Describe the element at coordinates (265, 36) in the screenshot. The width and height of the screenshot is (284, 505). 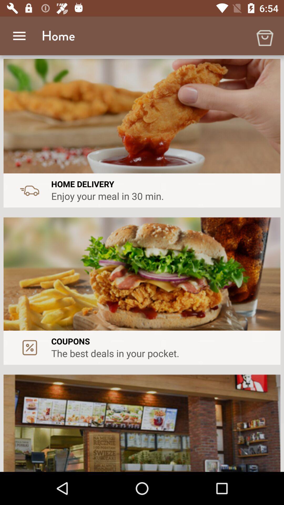
I see `the add to cart button` at that location.